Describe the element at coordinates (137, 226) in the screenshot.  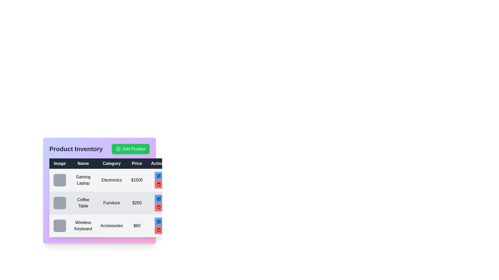
I see `the price text label representing the price of the 'Wireless Keyboard' product in the accessories category, located in the third row under the 'Price' column` at that location.